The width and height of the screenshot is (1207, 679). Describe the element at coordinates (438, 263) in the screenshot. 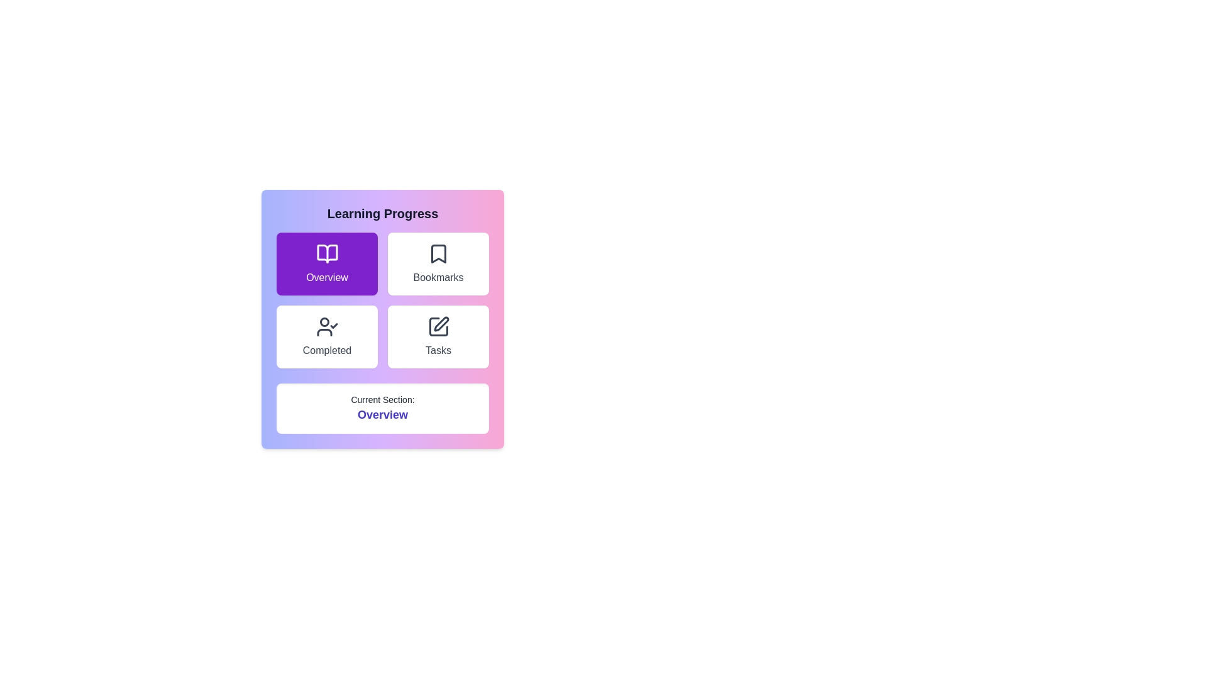

I see `the button corresponding to the Bookmarks section` at that location.